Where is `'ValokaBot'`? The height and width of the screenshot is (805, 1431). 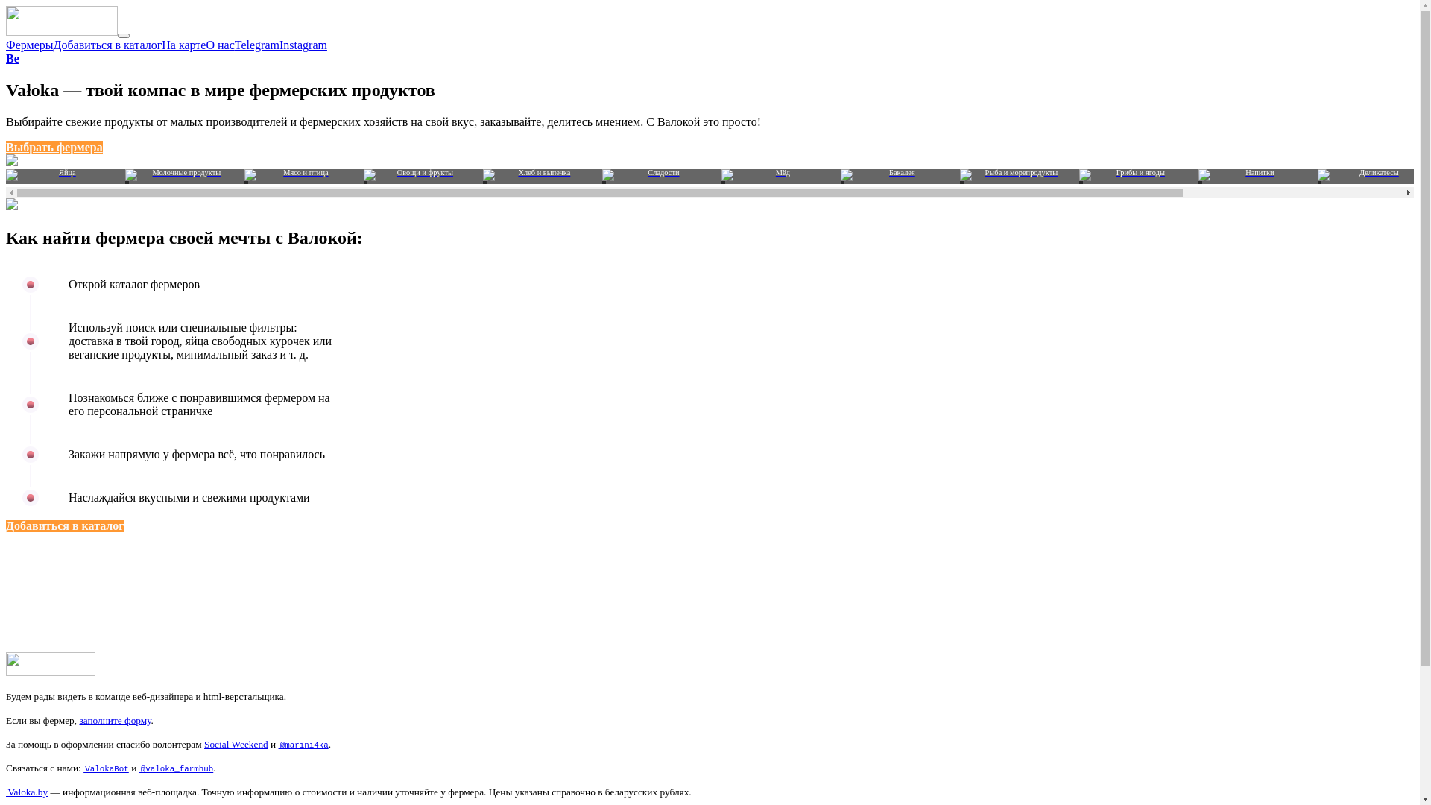 'ValokaBot' is located at coordinates (105, 768).